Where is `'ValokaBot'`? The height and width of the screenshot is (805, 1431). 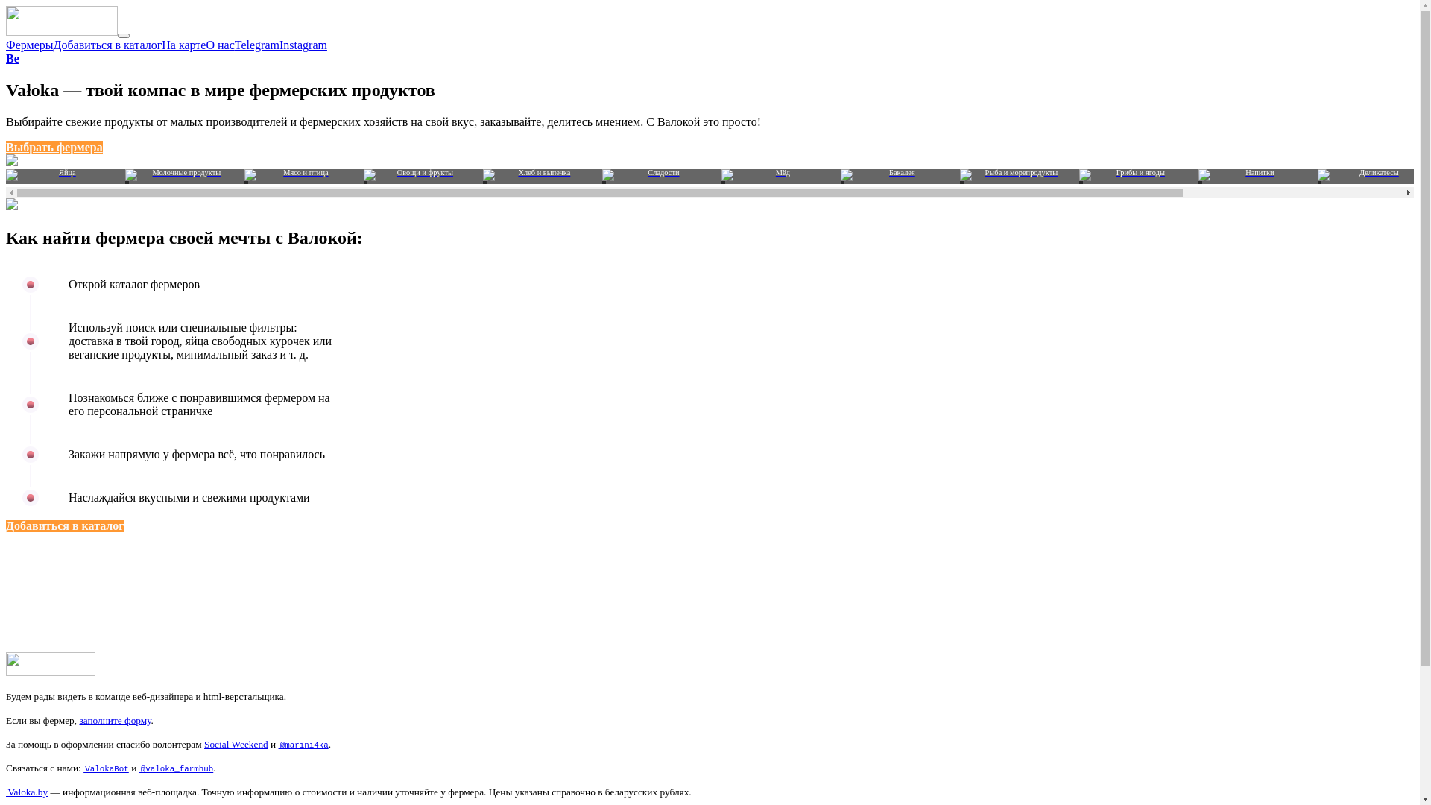 'ValokaBot' is located at coordinates (105, 768).